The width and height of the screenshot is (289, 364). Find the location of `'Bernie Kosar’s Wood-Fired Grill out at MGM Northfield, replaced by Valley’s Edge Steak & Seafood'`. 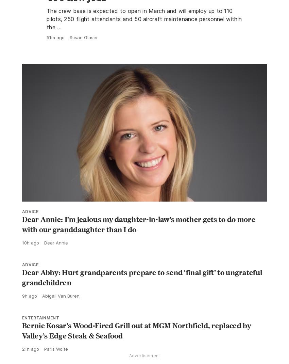

'Bernie Kosar’s Wood-Fired Grill out at MGM Northfield, replaced by Valley’s Edge Steak & Seafood' is located at coordinates (136, 346).